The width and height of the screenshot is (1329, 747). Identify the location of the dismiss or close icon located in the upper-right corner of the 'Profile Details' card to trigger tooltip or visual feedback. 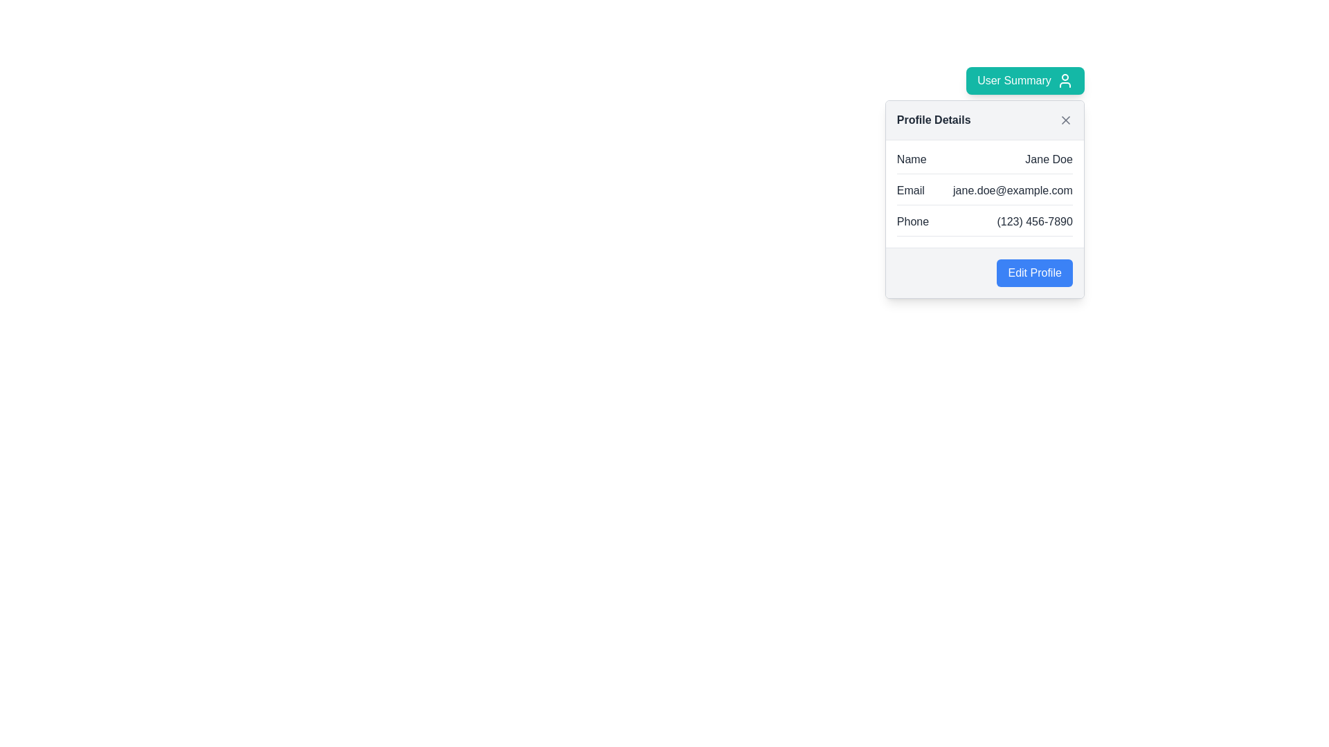
(1065, 119).